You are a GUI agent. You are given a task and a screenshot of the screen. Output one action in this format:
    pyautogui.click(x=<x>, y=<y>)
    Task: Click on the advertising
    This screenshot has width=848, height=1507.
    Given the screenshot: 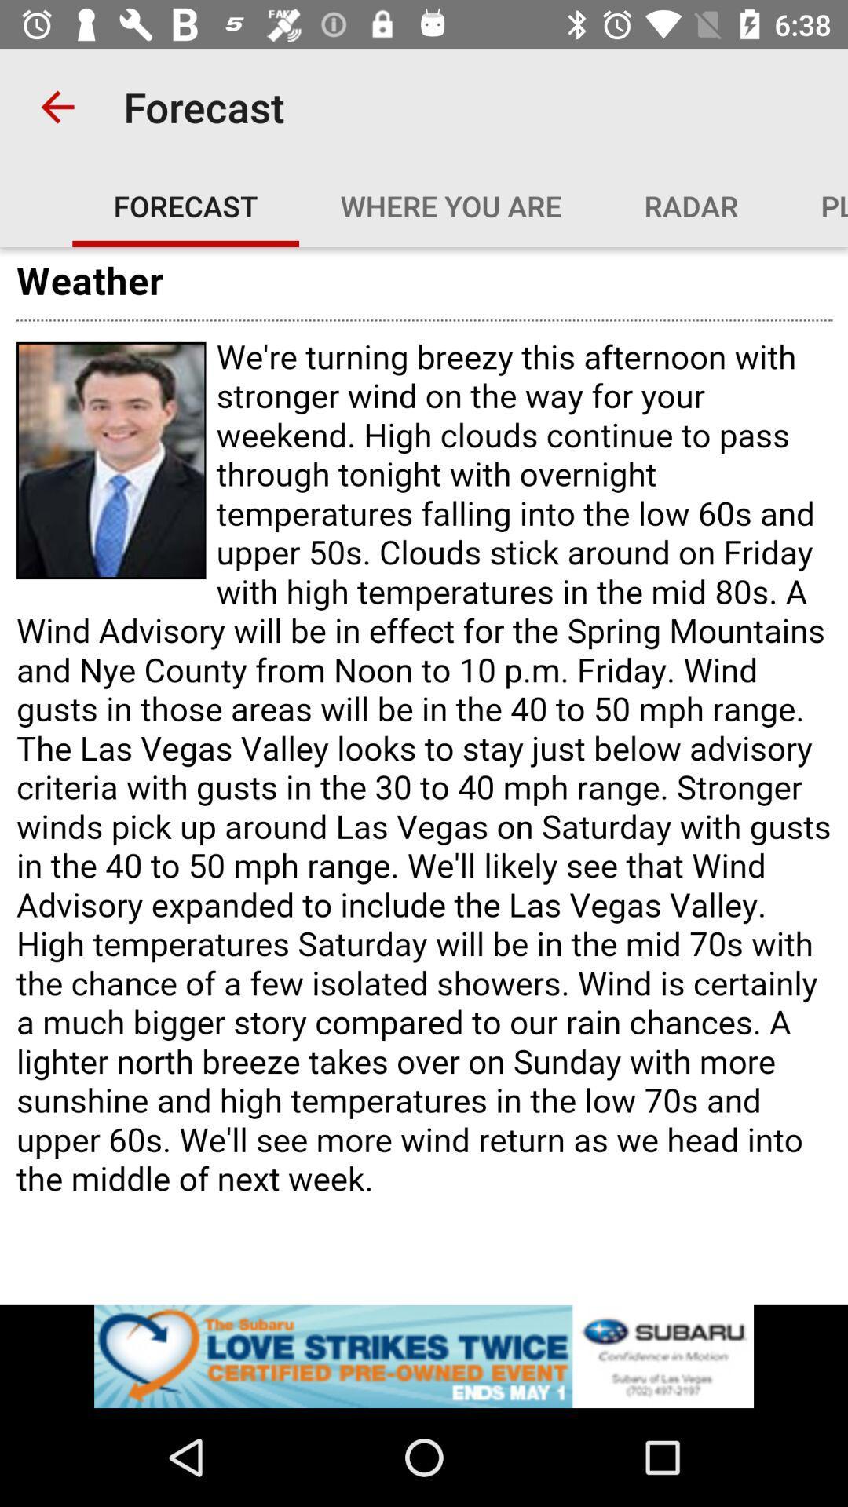 What is the action you would take?
    pyautogui.click(x=424, y=1356)
    